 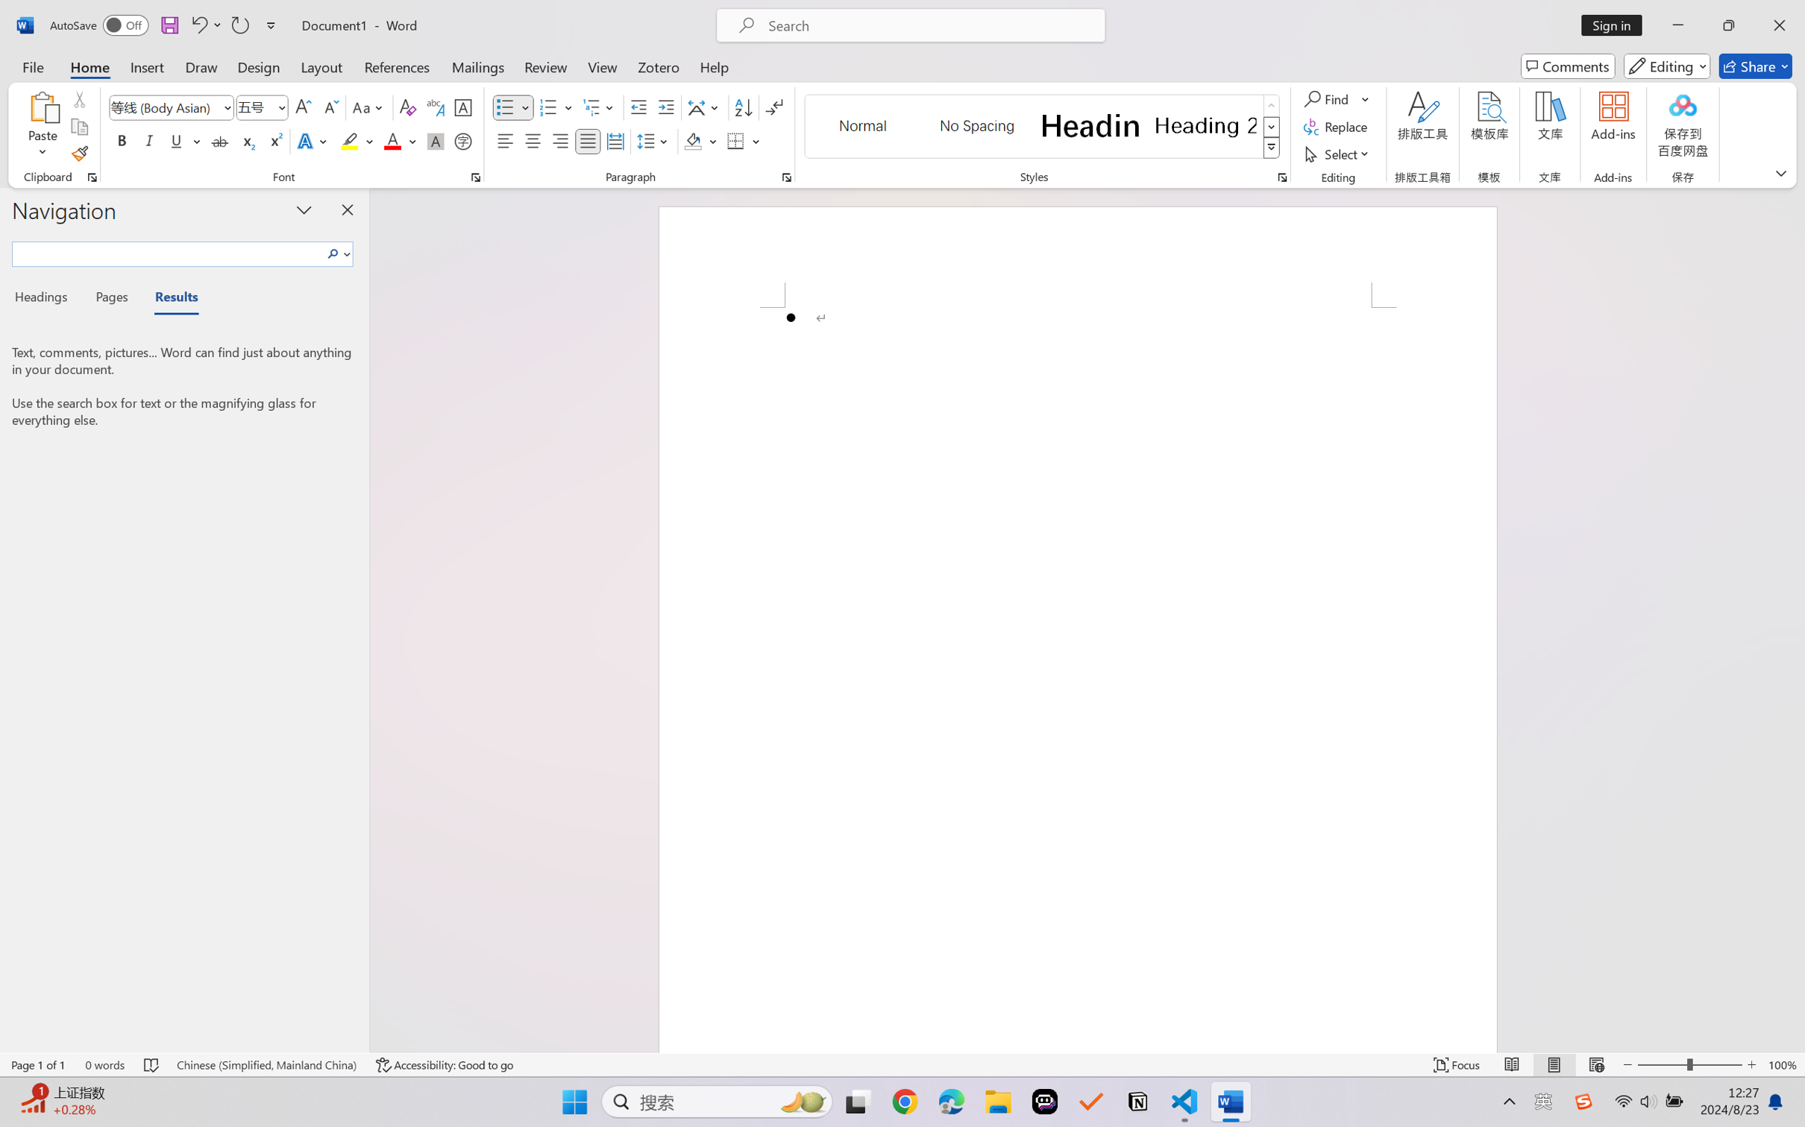 I want to click on 'Results', so click(x=169, y=299).